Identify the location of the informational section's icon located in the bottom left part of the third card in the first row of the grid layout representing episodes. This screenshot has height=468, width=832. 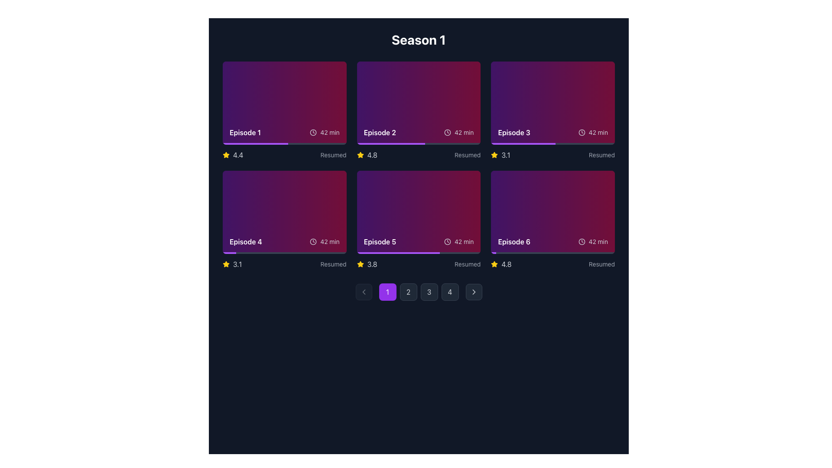
(552, 132).